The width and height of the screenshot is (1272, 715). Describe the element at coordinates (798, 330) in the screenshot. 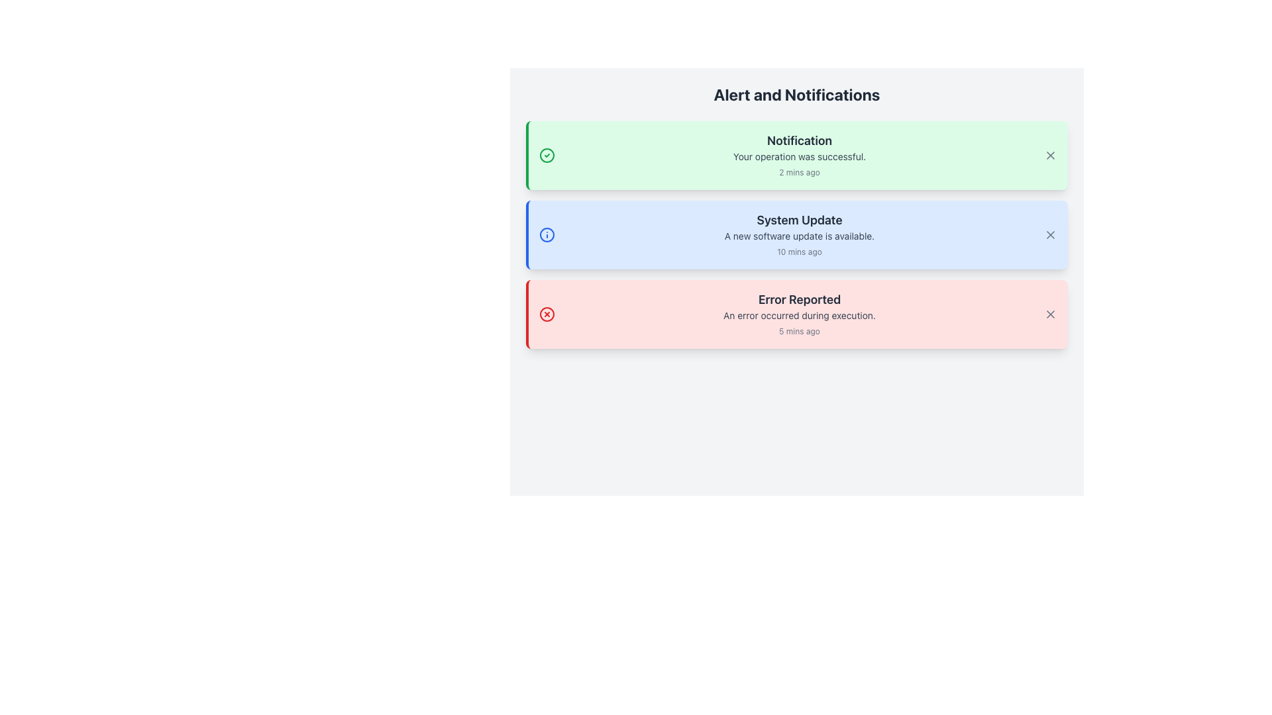

I see `the Text Label that indicates the relative timestamp of the notification in the bottom-right corner of the 'Error Reported' notification card` at that location.